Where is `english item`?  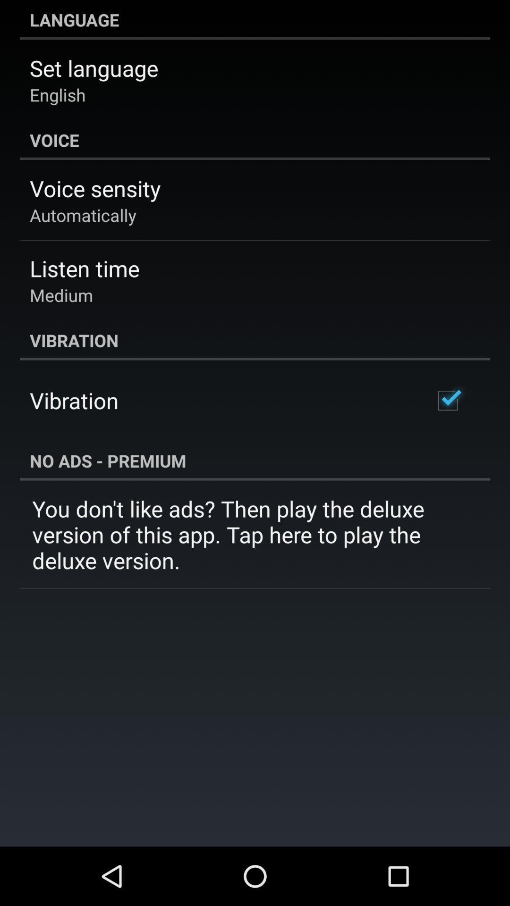 english item is located at coordinates (58, 95).